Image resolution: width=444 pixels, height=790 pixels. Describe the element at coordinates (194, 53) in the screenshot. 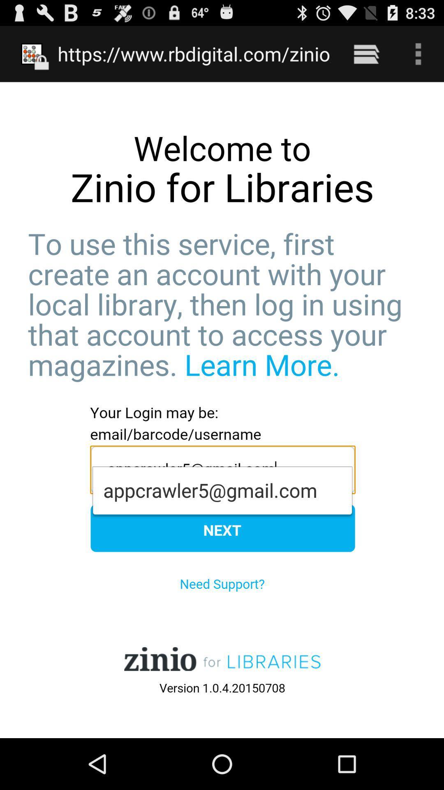

I see `the https www rbdigital item` at that location.